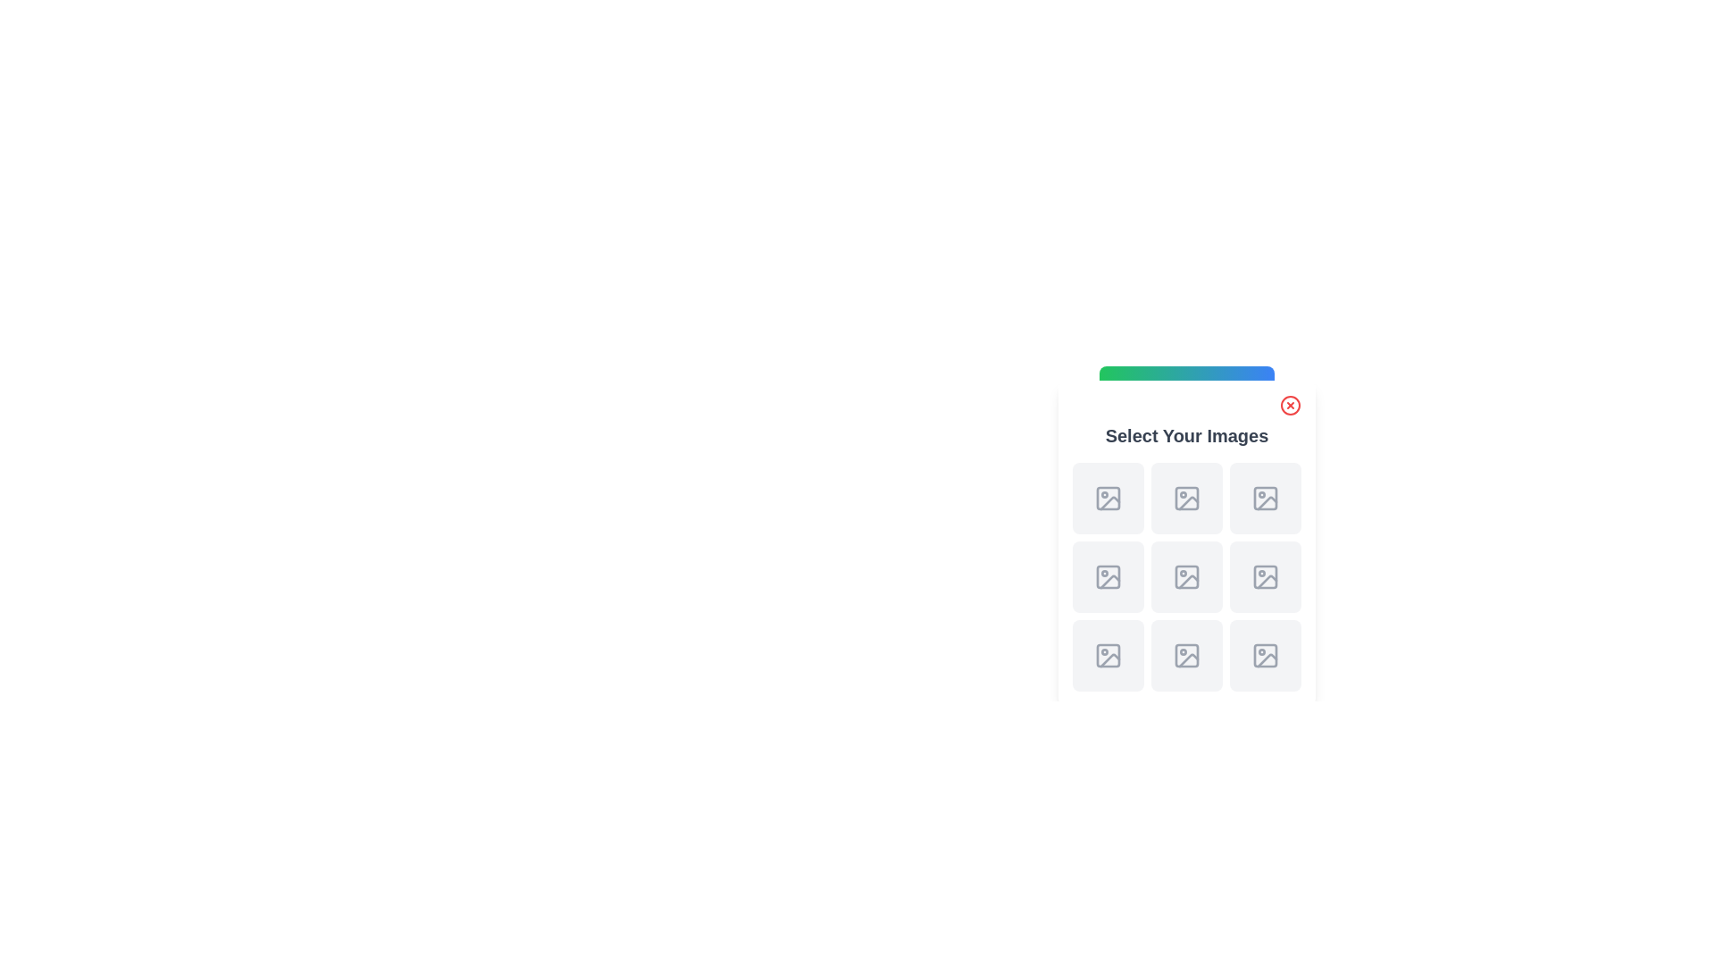 This screenshot has height=965, width=1715. Describe the element at coordinates (1108, 499) in the screenshot. I see `the image upload icon located at the top-left position of the 3x3 grid layout` at that location.